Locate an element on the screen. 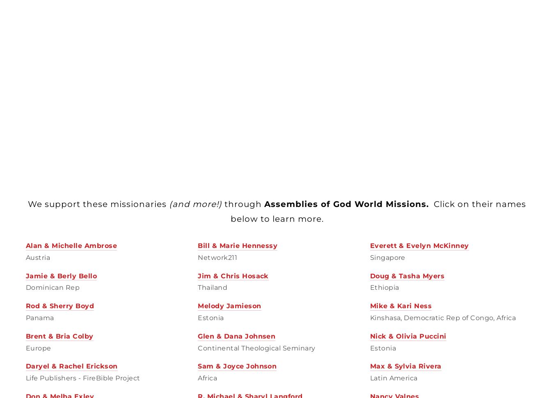  'Bill & Marie Hennessy' is located at coordinates (197, 245).